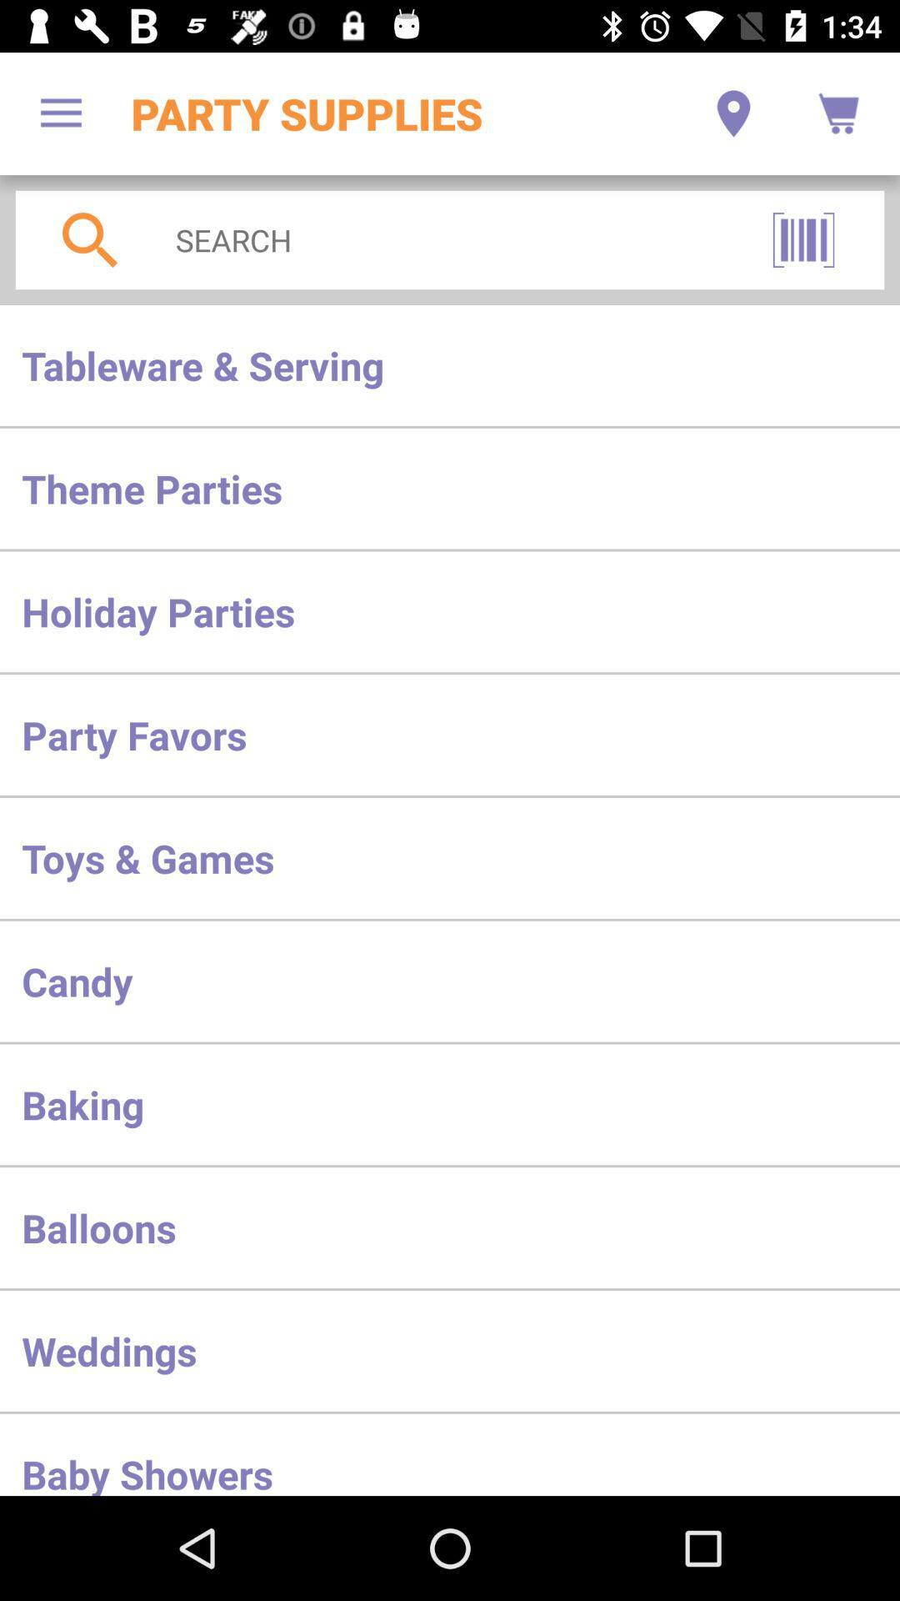 The width and height of the screenshot is (900, 1601). Describe the element at coordinates (450, 488) in the screenshot. I see `the theme parties item` at that location.